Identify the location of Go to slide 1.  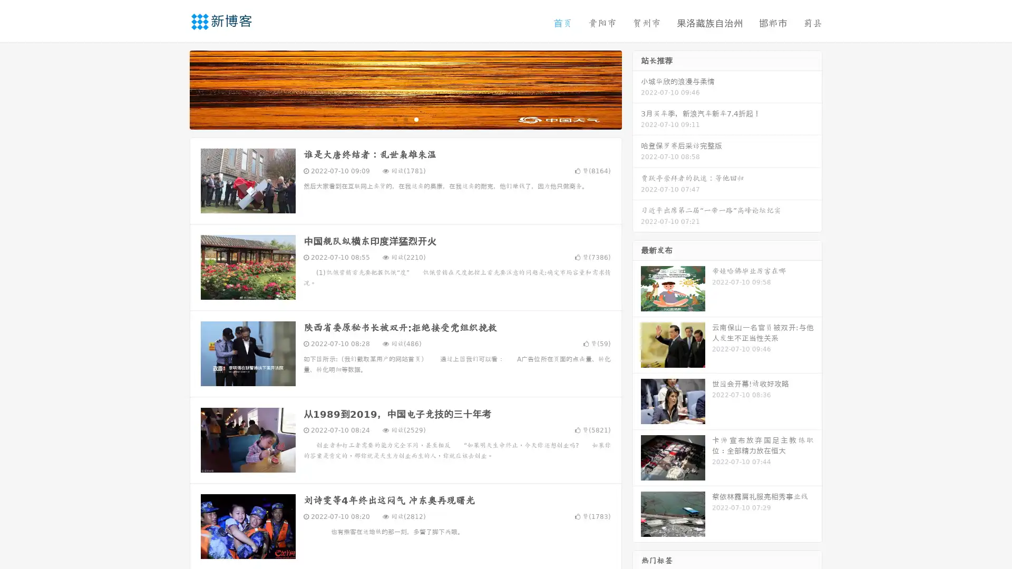
(394, 119).